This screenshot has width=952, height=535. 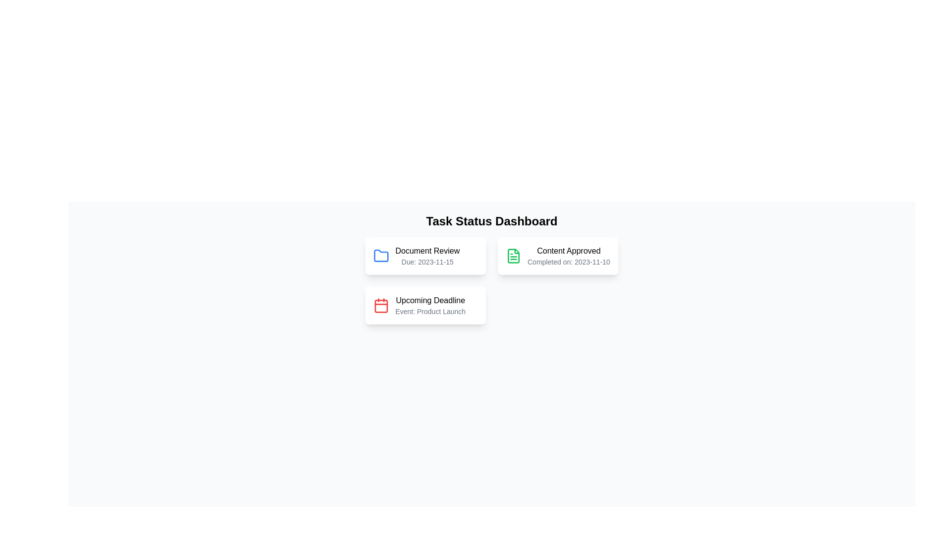 I want to click on the Informational card that provides details about the upcoming 'Product Launch' event, located in the center bottom of the grid layout, below the 'Document Review' and 'Content Approved' cards, so click(x=425, y=305).